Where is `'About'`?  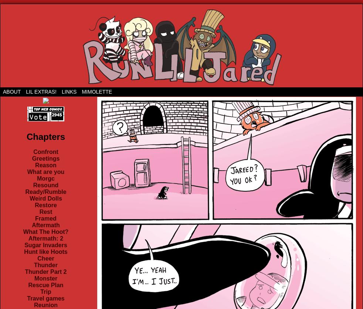 'About' is located at coordinates (11, 91).